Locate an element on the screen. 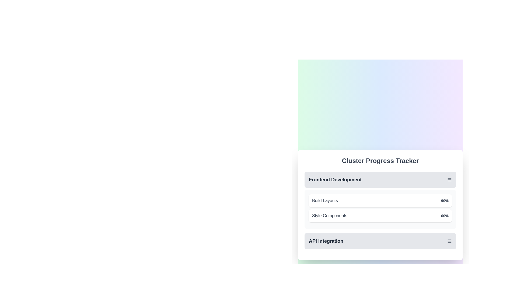  the Text label that indicates the progress percentage for the task 'Style Components,' which shows 60% and is located within the 'Frontend Development' section, adjacent to a progress bar is located at coordinates (445, 216).